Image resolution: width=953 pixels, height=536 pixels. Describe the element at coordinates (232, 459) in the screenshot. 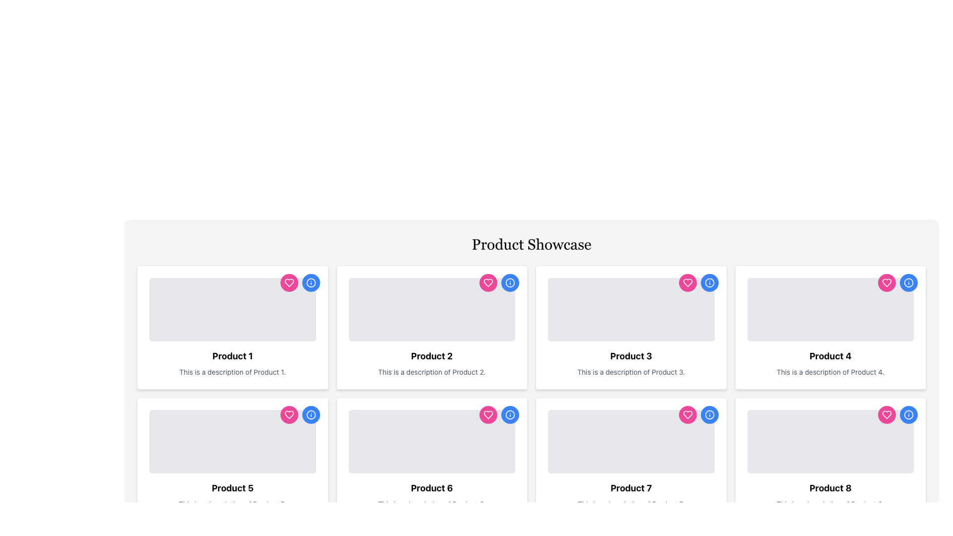

I see `the 'Product 5' card, which is a rectangular component with a white background and rounded corners, located in the second row of a 4-column grid layout` at that location.